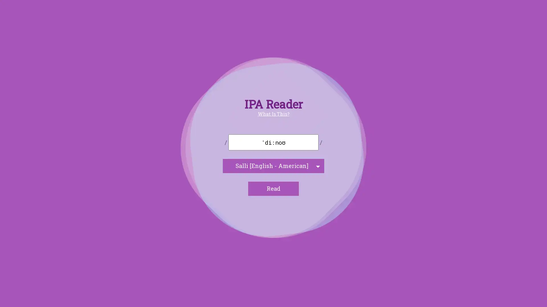 This screenshot has width=547, height=307. Describe the element at coordinates (273, 188) in the screenshot. I see `Read` at that location.